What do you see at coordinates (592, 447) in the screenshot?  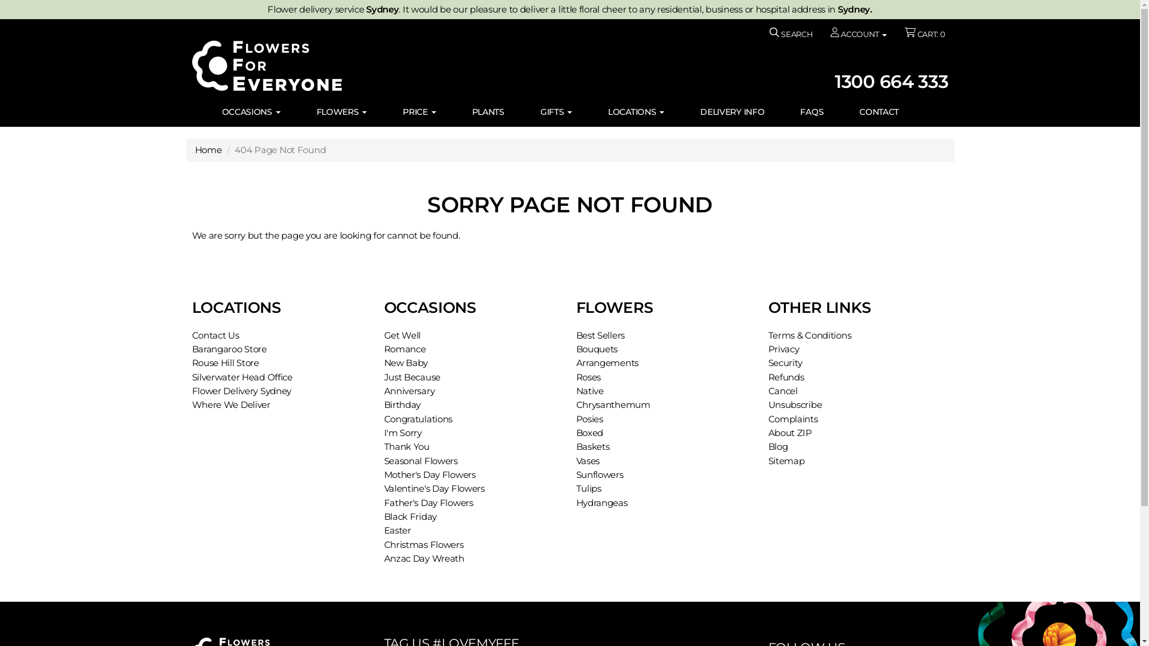 I see `'Baskets'` at bounding box center [592, 447].